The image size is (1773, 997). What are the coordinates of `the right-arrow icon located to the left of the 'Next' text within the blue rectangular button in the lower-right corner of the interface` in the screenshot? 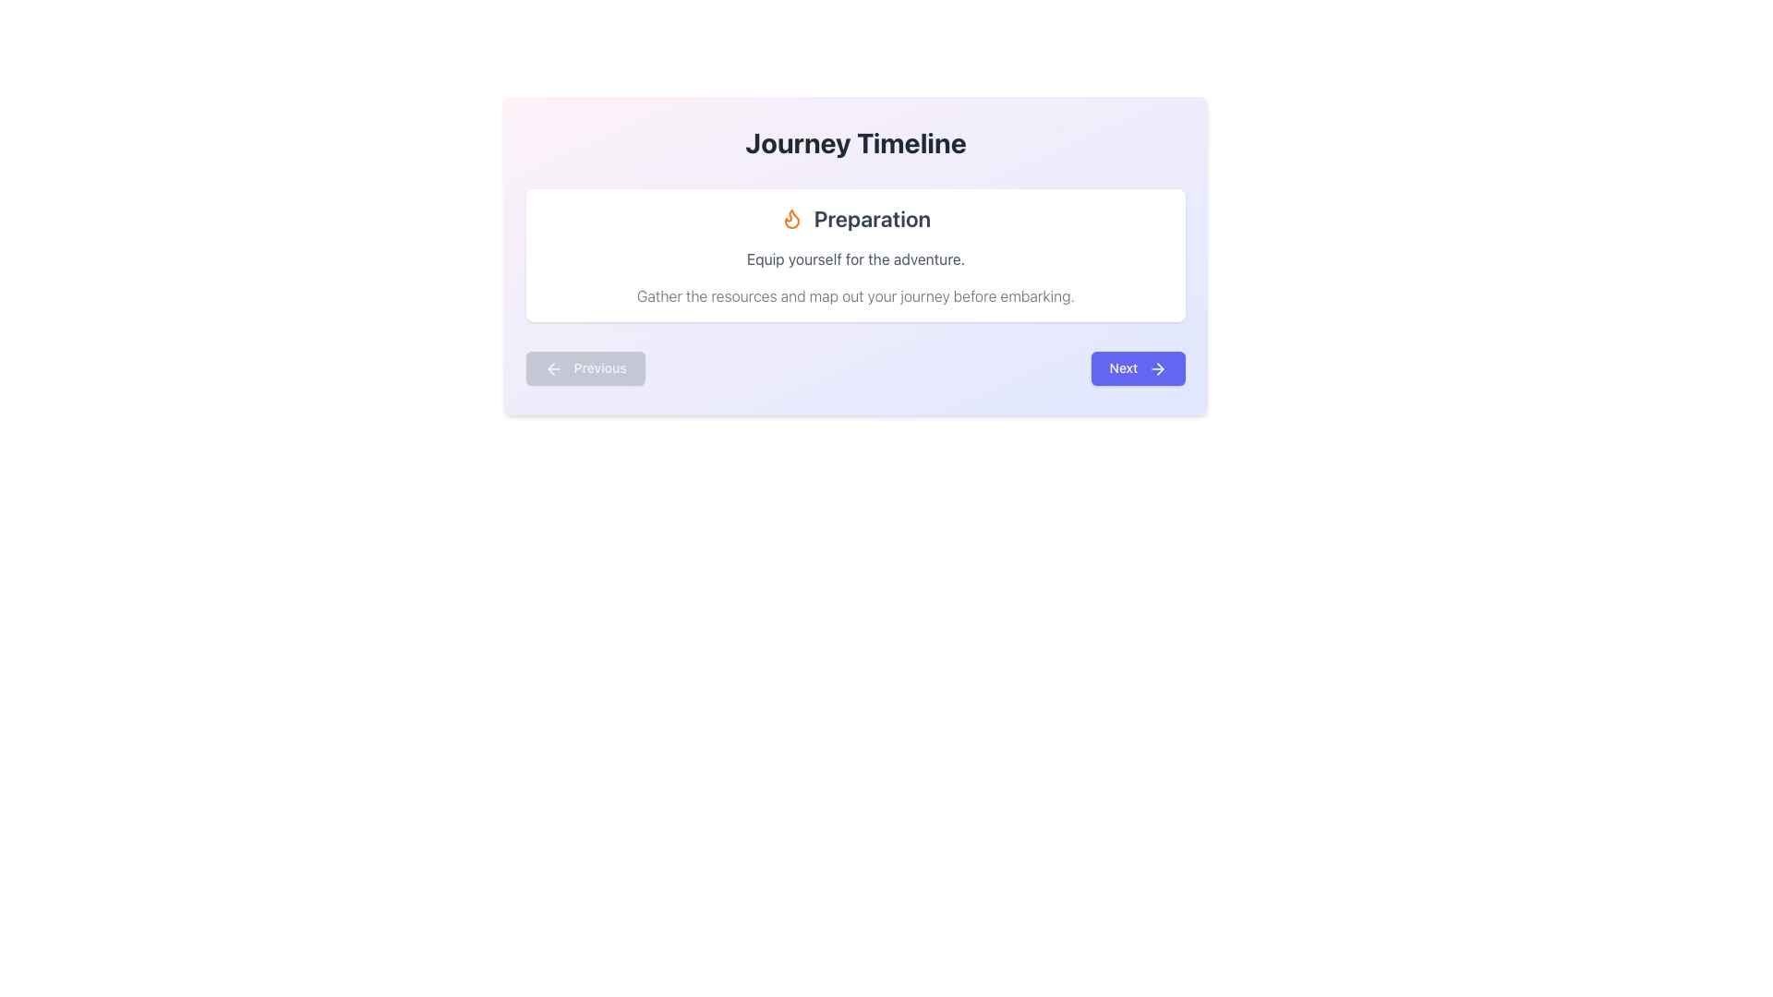 It's located at (1156, 369).